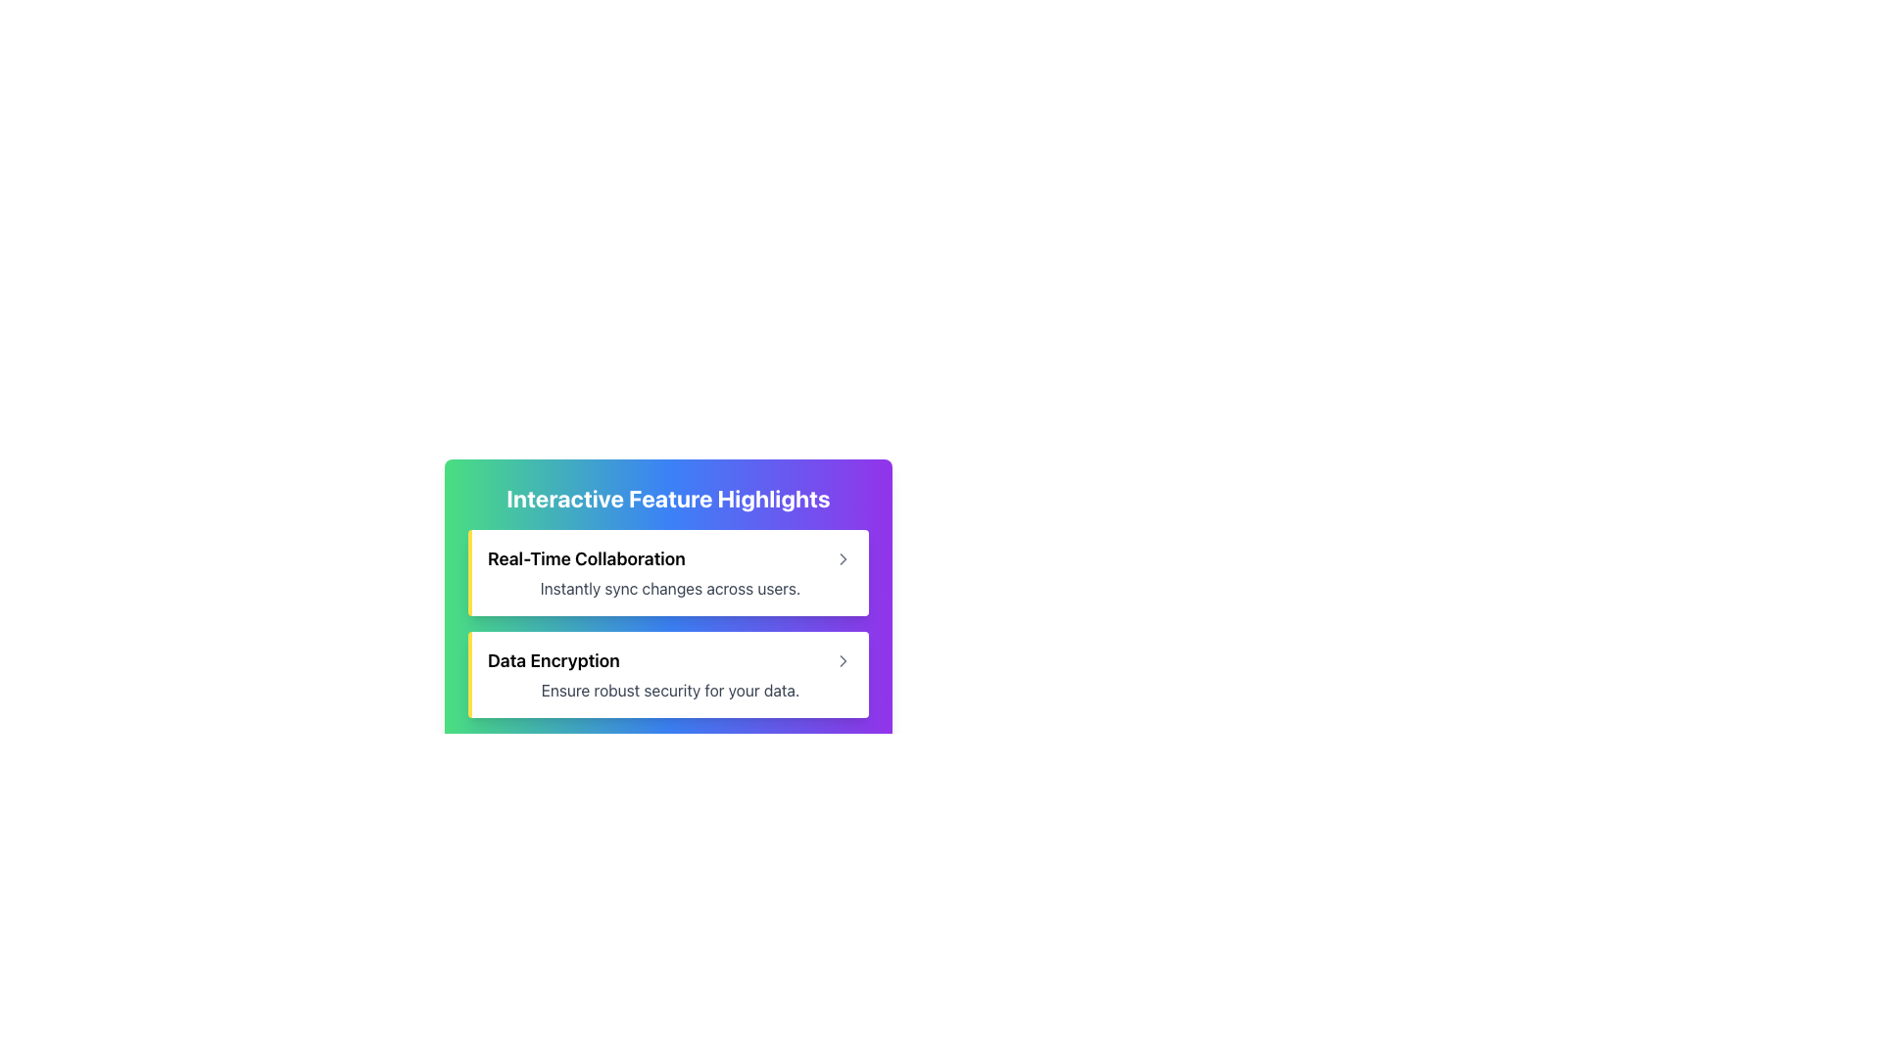  What do you see at coordinates (670, 588) in the screenshot?
I see `the text label displaying 'Instantly sync changes across users.' located below the title 'Real-Time Collaboration' in a feature description panel` at bounding box center [670, 588].